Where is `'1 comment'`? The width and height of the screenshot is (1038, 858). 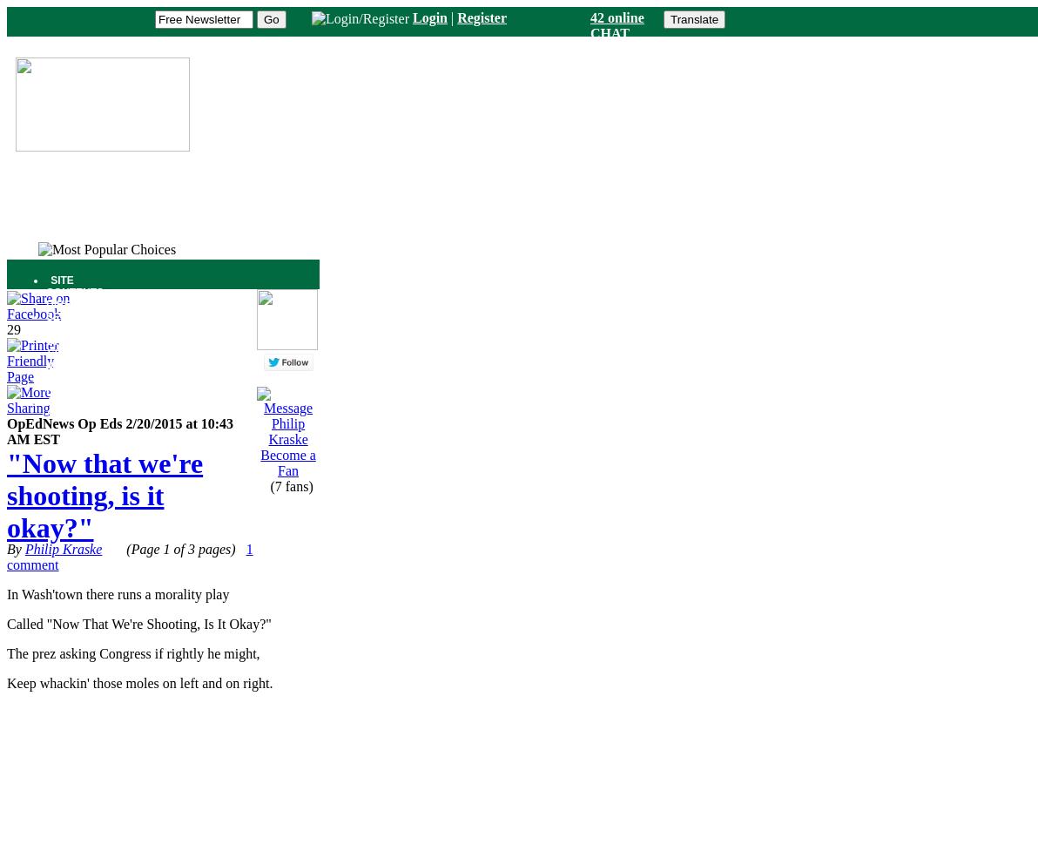 '1 comment' is located at coordinates (130, 556).